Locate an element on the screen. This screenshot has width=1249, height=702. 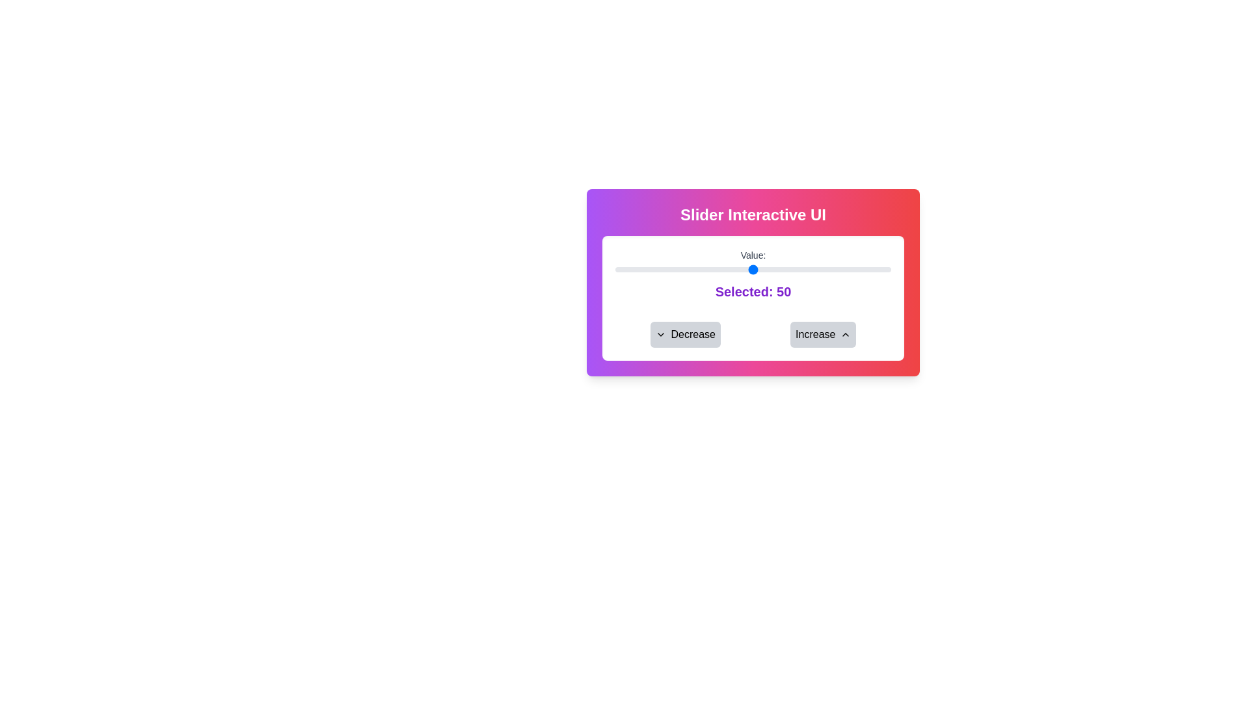
the slider is located at coordinates (719, 269).